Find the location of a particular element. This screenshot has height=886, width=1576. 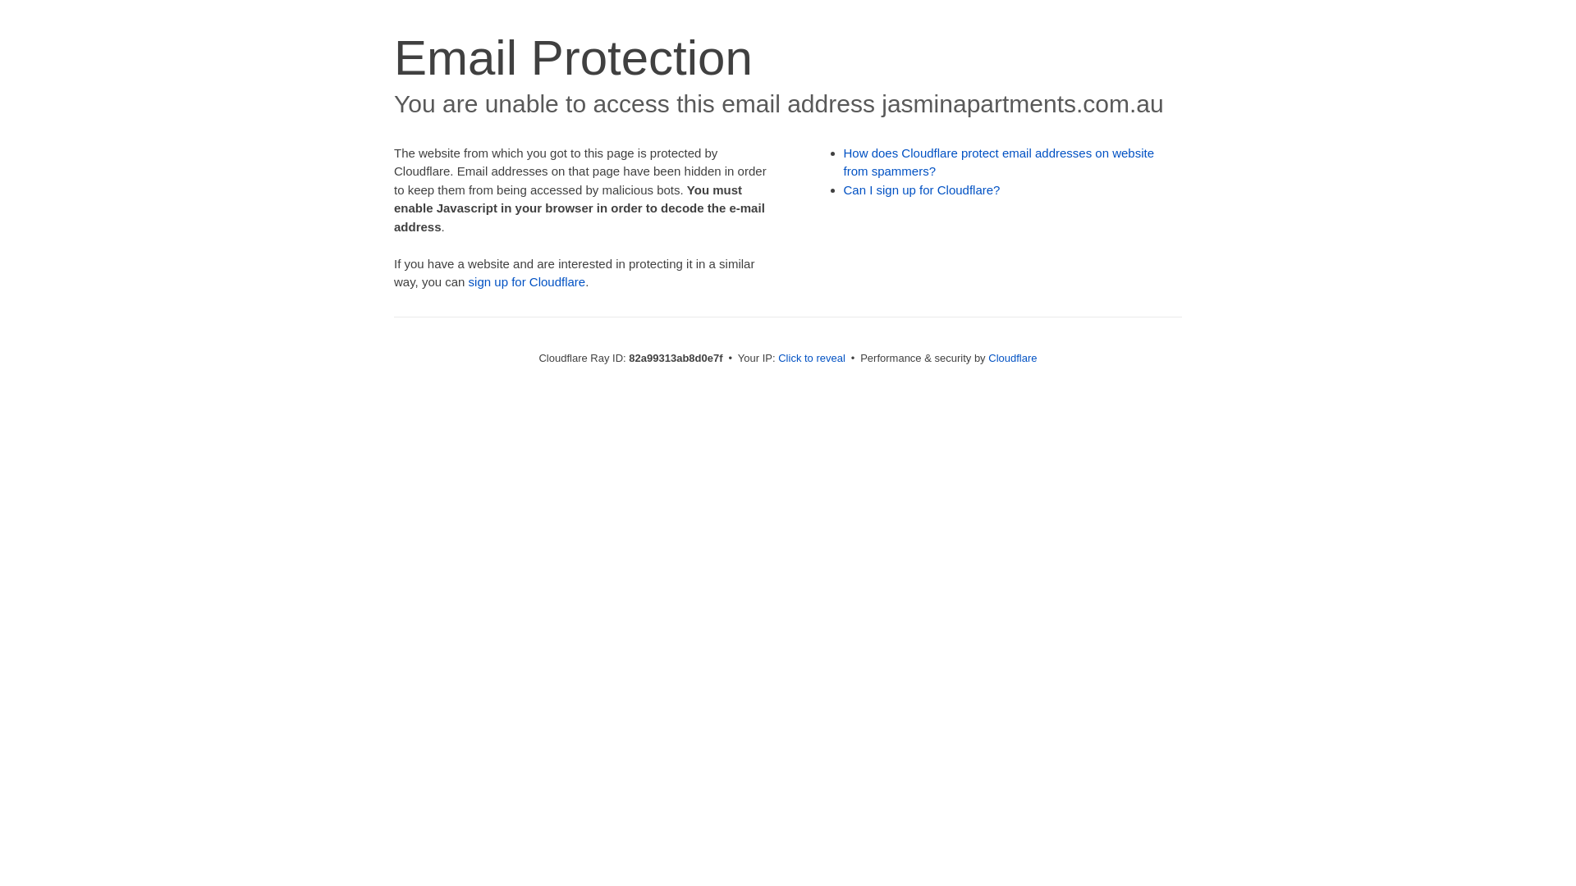

'Can I sign up for Cloudflare?' is located at coordinates (922, 189).